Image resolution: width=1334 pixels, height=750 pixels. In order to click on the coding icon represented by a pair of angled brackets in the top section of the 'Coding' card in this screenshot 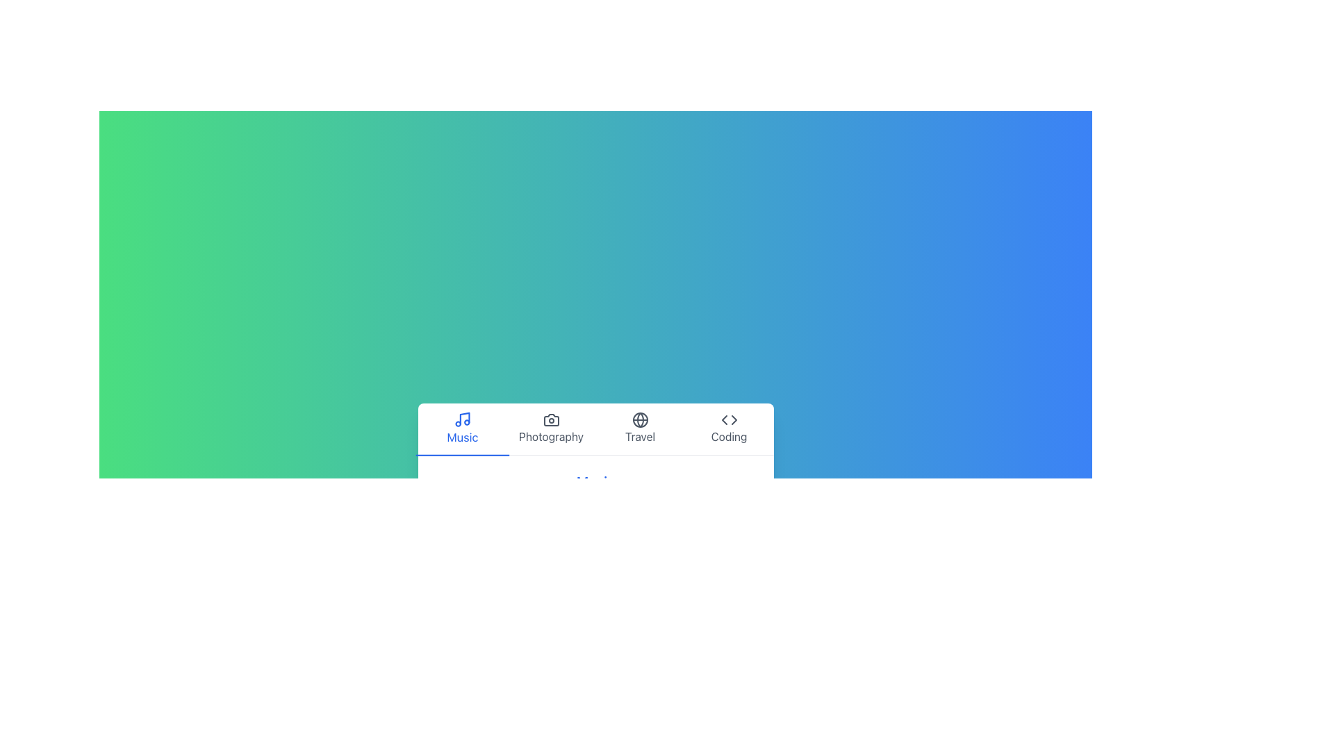, I will do `click(728, 419)`.